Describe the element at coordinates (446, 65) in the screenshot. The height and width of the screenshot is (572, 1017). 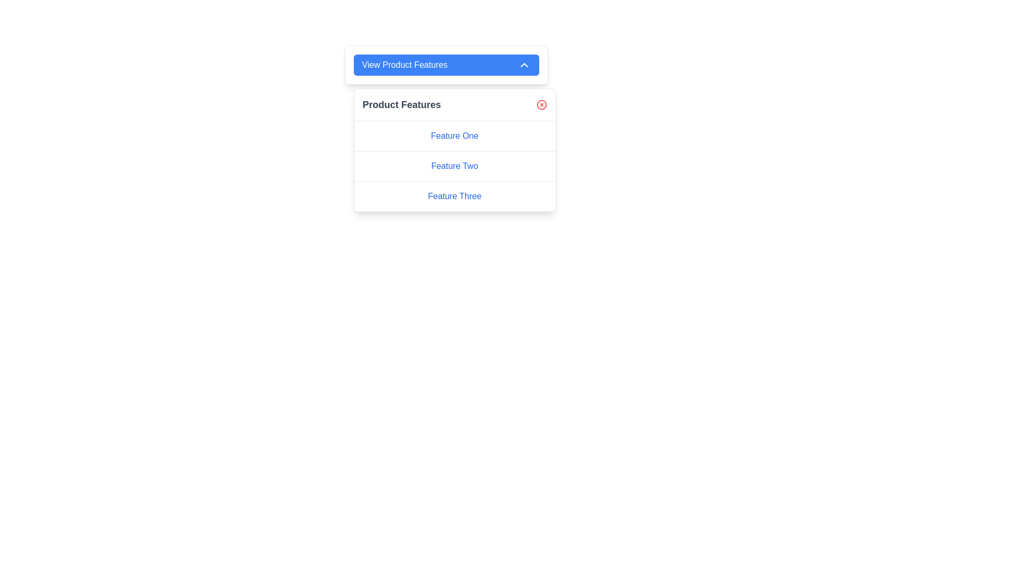
I see `the toggle button at the top of the dropdown component to show or hide the list of product features` at that location.